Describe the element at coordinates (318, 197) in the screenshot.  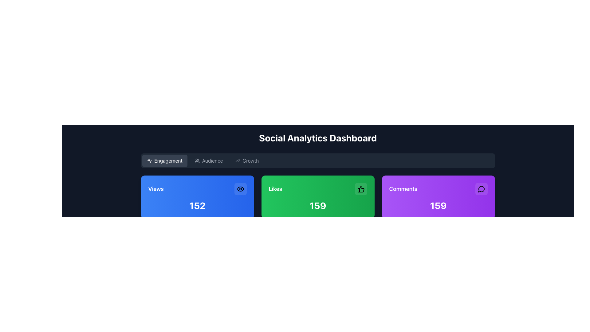
I see `the central card displaying 'Likes' with the thumbs-up icon in the three-column layout` at that location.